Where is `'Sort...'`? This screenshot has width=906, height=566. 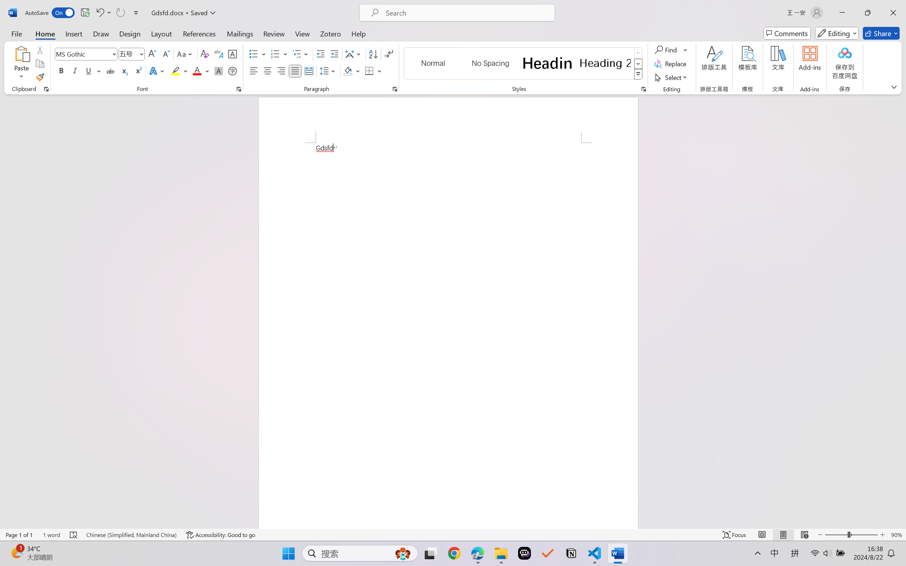 'Sort...' is located at coordinates (373, 54).